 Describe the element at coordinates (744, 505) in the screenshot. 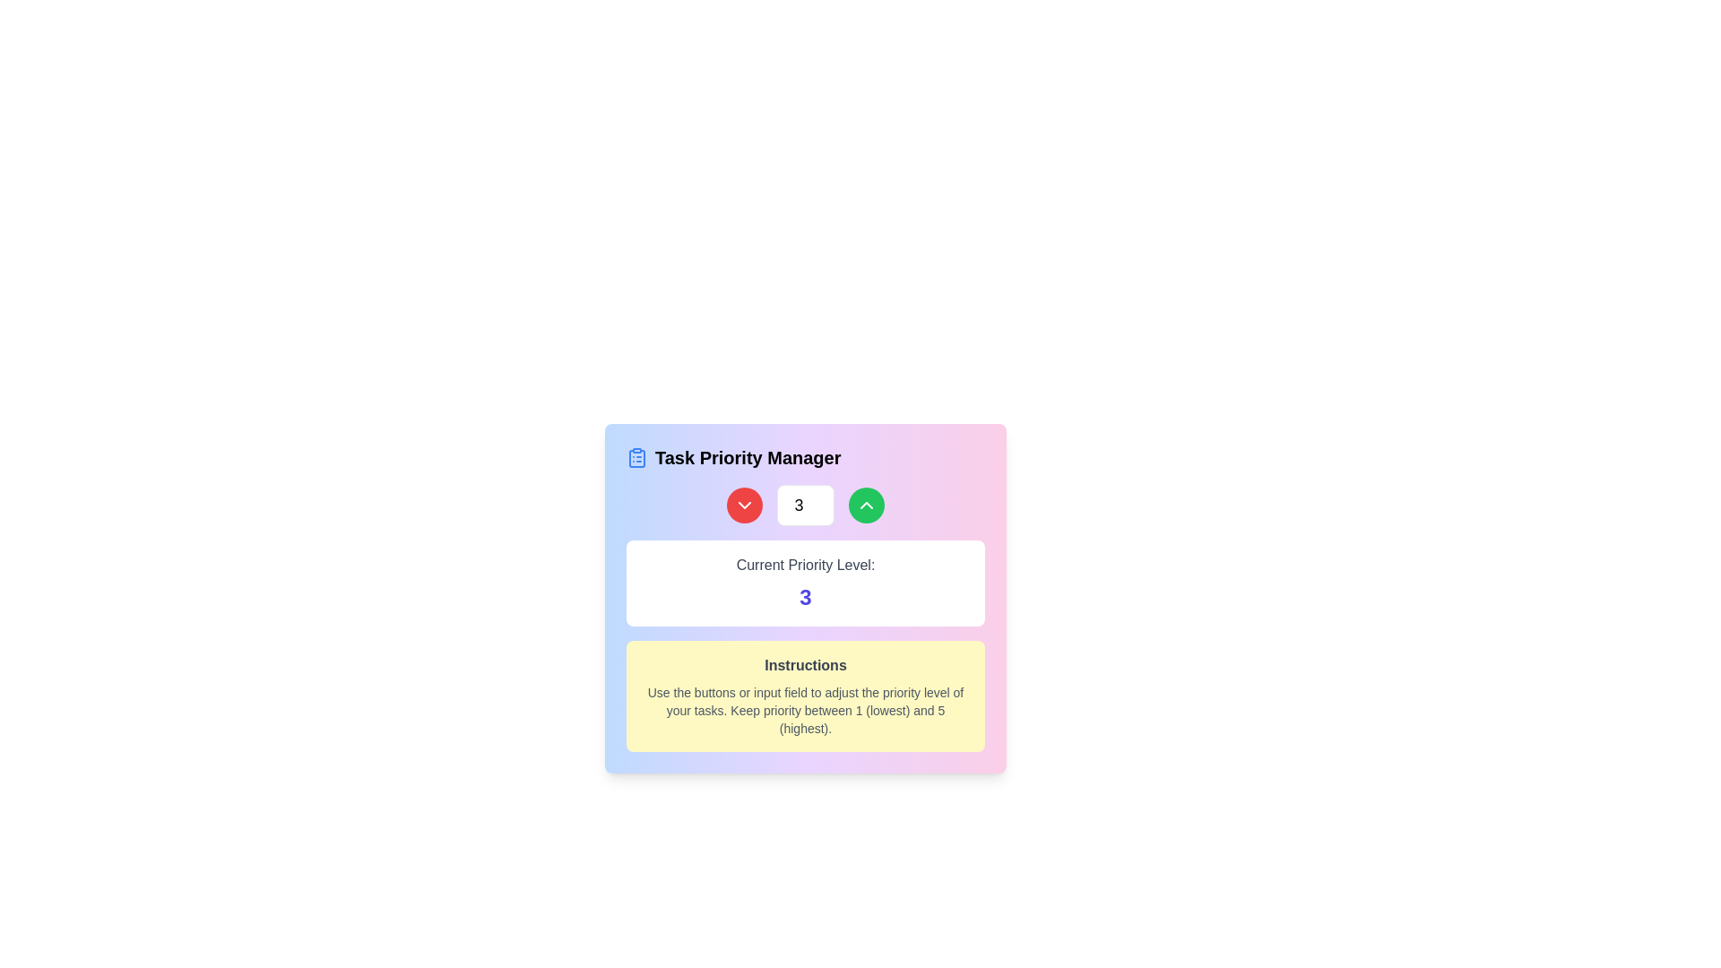

I see `the button designed for decreasing the value in the adjacent numeric input field, which is positioned to the left of a numeric input field and the green circular button with an upward chevron` at that location.